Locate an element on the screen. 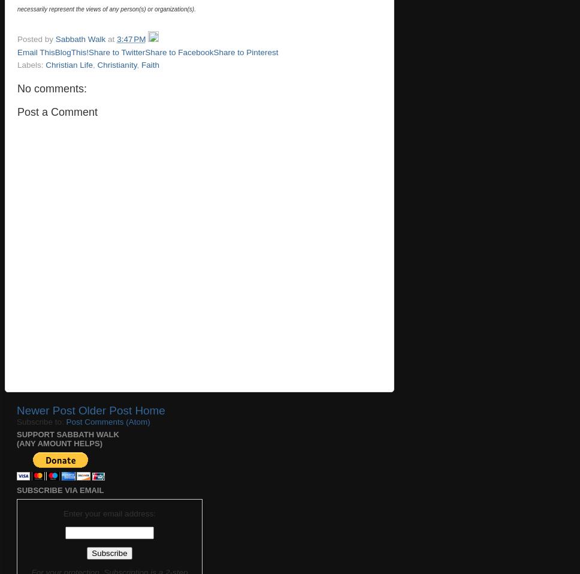  'Posted by' is located at coordinates (17, 38).